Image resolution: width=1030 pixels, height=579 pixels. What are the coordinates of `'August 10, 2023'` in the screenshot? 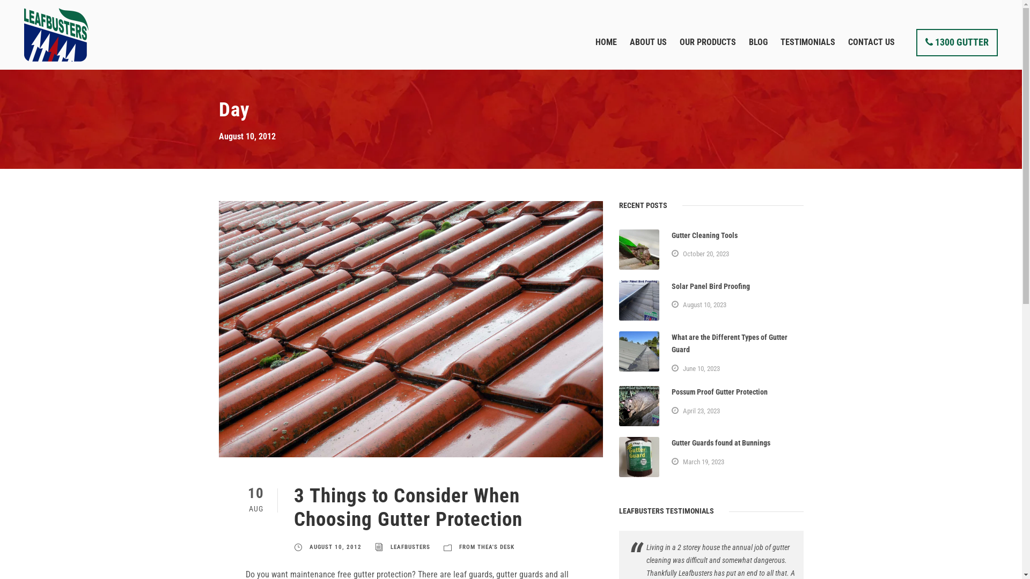 It's located at (704, 305).